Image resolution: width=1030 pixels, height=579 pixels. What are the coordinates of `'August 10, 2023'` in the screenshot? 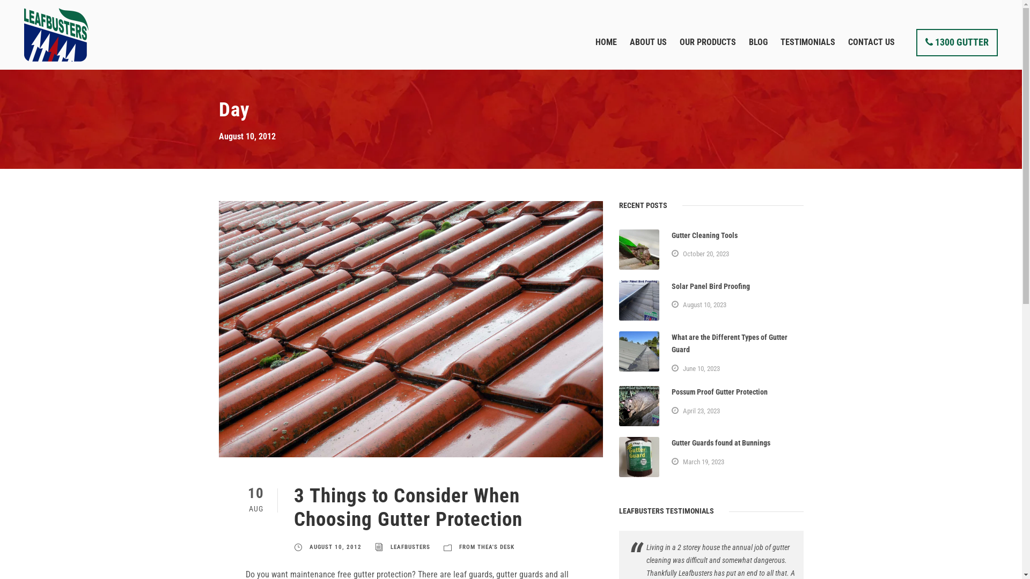 It's located at (704, 305).